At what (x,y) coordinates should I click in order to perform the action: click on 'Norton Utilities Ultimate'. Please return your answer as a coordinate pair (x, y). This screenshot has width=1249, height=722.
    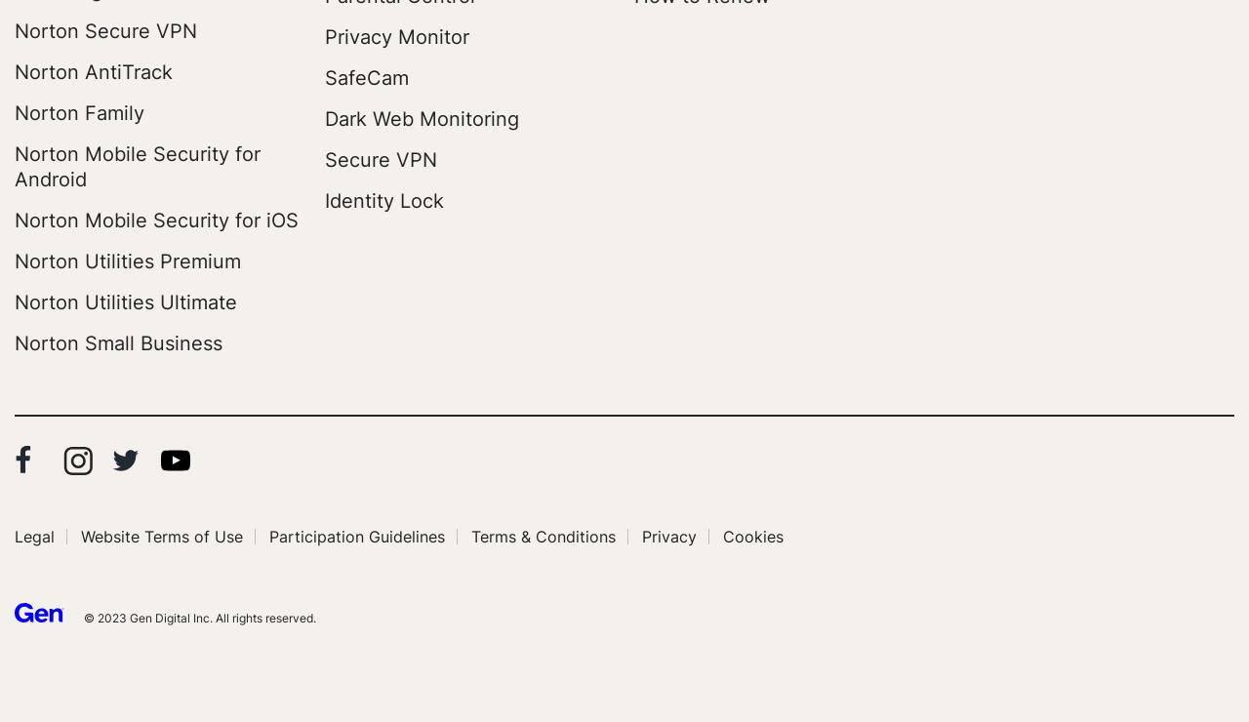
    Looking at the image, I should click on (14, 301).